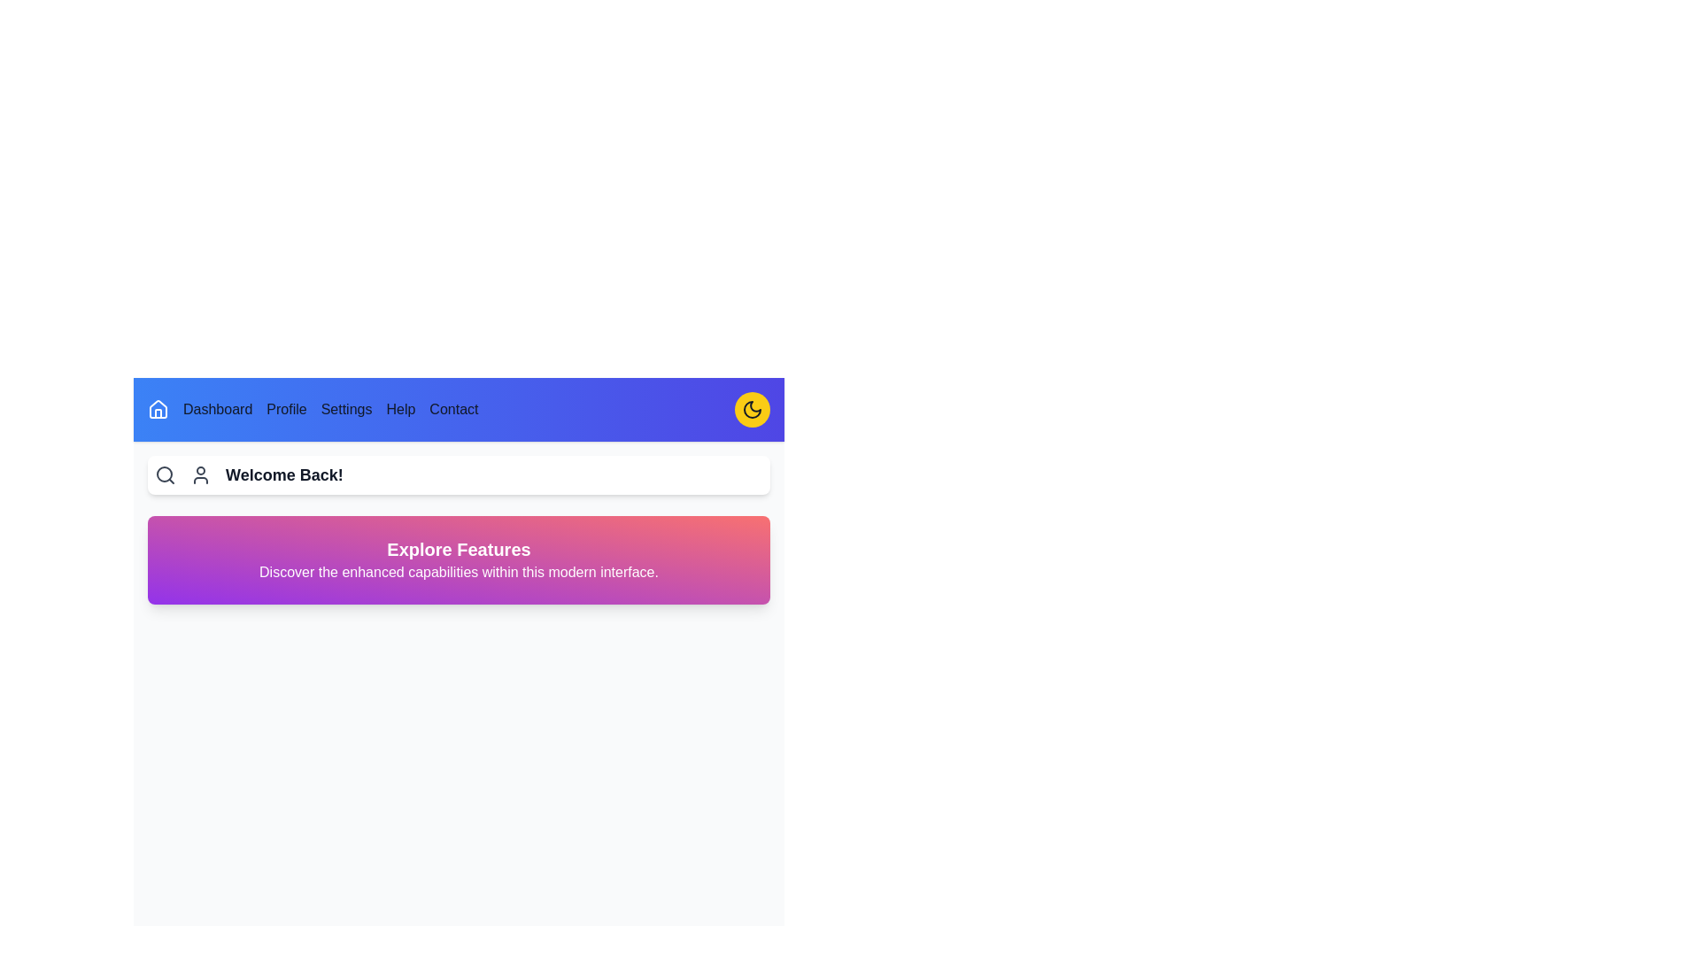 This screenshot has width=1700, height=956. Describe the element at coordinates (454, 409) in the screenshot. I see `the text content Contact to select it` at that location.